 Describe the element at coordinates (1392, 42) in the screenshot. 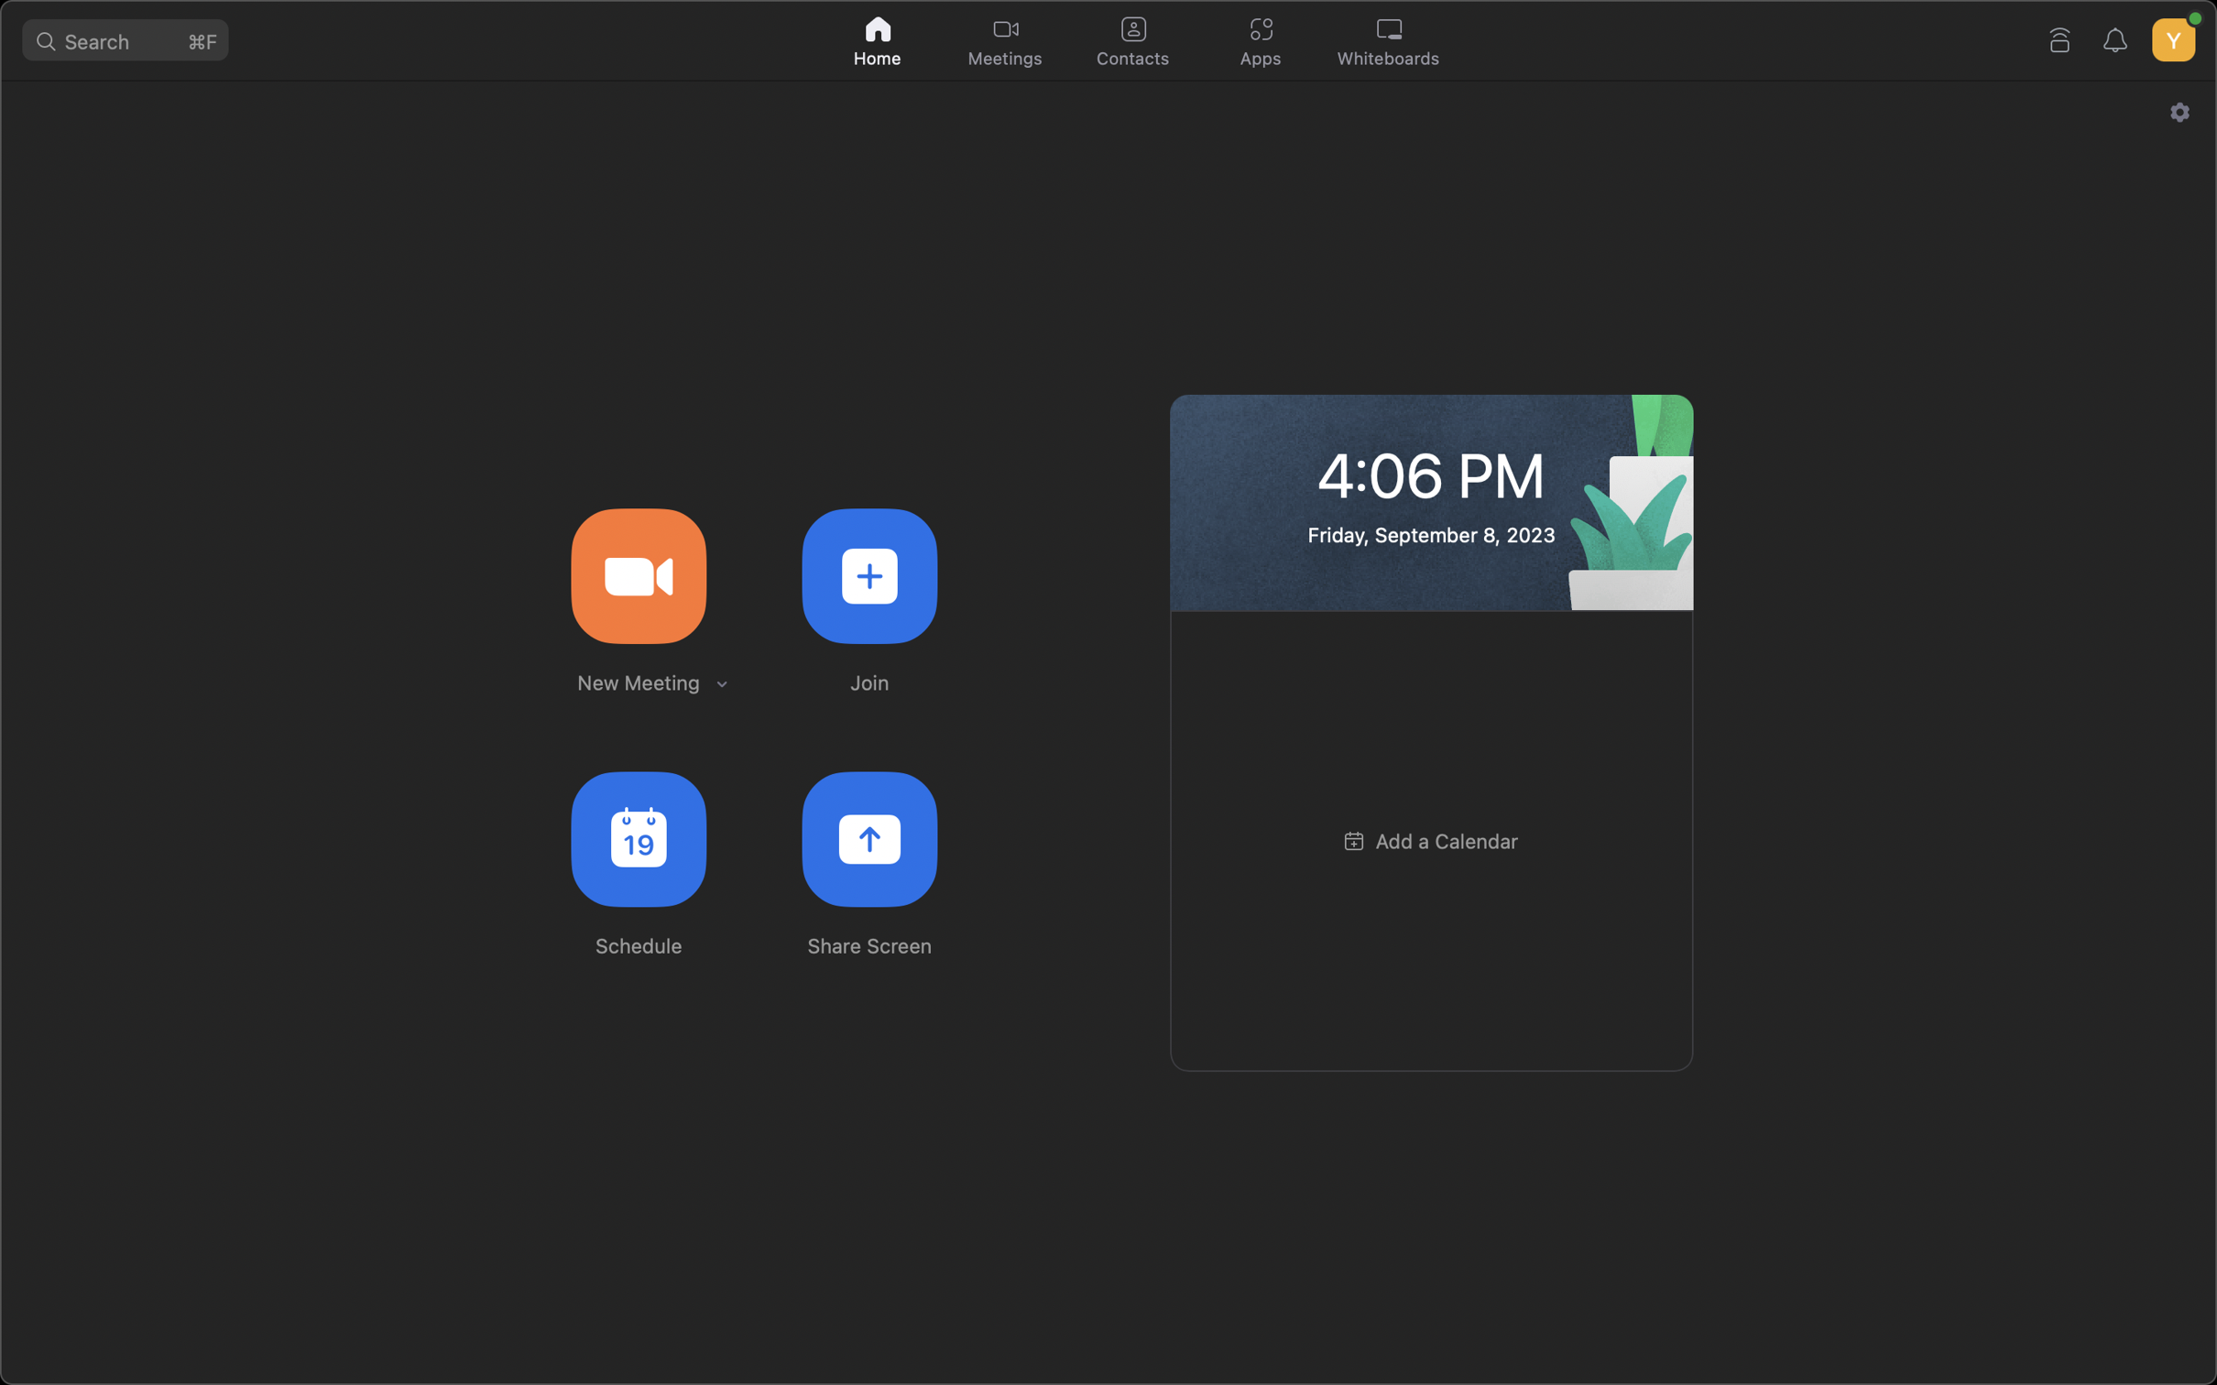

I see `Activate the whiteboard tools` at that location.